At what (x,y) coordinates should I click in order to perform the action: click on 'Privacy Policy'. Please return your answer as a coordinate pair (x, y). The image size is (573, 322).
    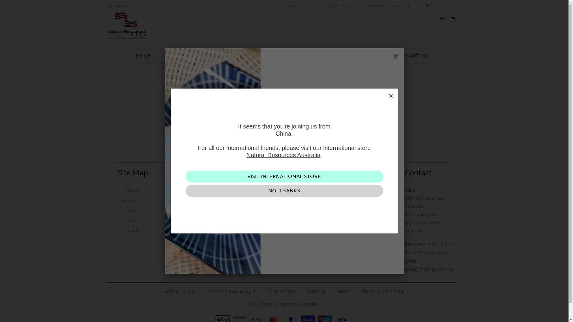
    Looking at the image, I should click on (281, 291).